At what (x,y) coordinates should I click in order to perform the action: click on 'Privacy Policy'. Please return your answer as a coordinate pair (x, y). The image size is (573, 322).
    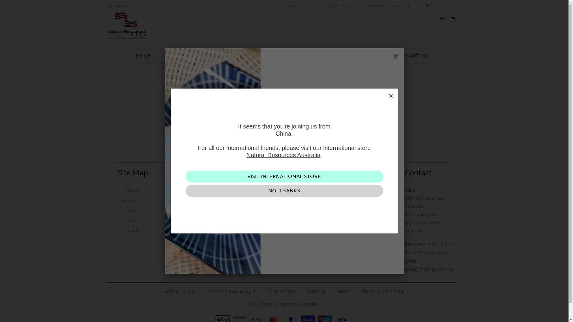
    Looking at the image, I should click on (281, 291).